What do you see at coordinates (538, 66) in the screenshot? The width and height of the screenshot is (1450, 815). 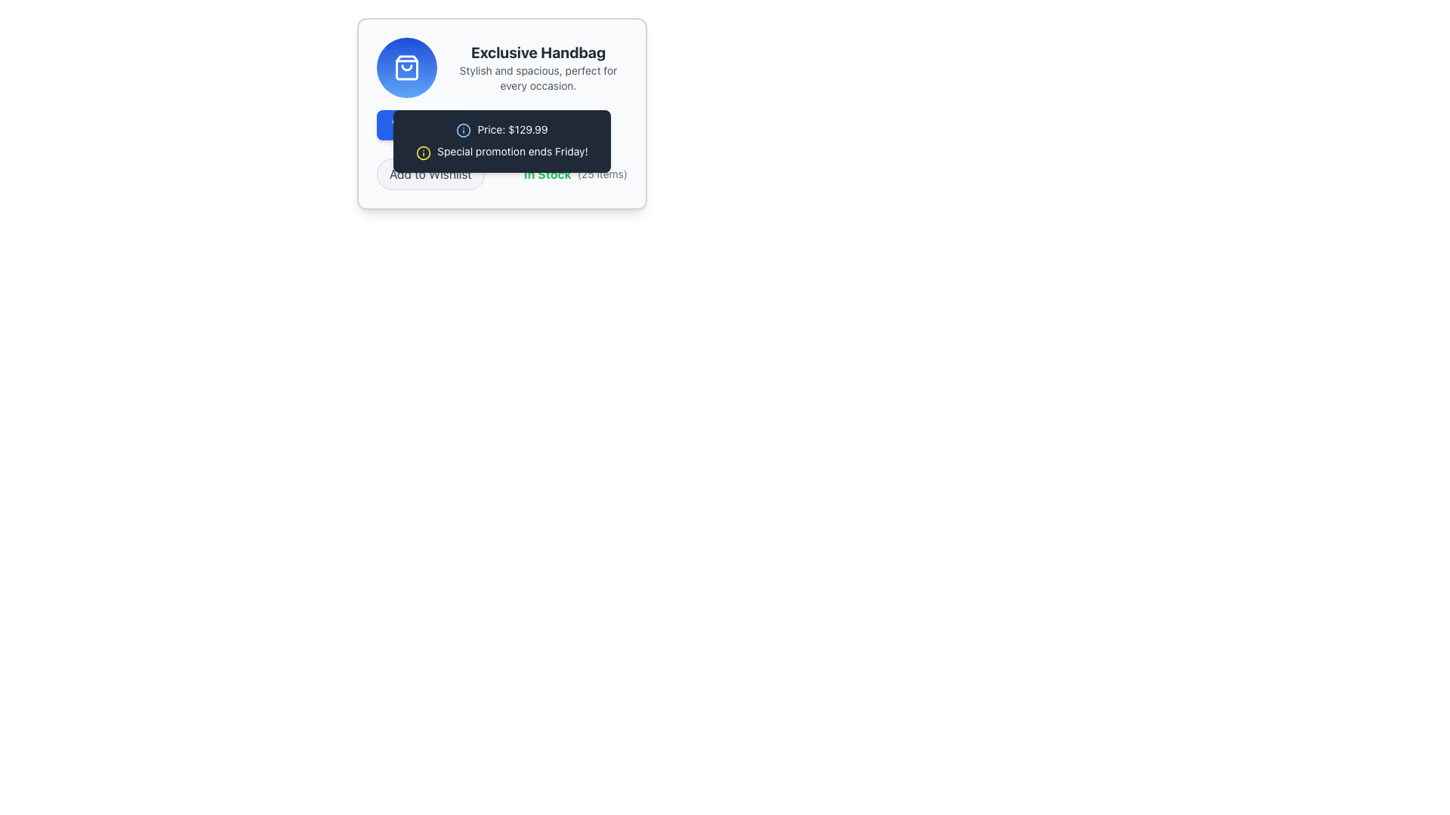 I see `description of the Text Block containing the title 'Exclusive Handbag' and the description 'Stylish and spacious, perfect for every occasion.'` at bounding box center [538, 66].